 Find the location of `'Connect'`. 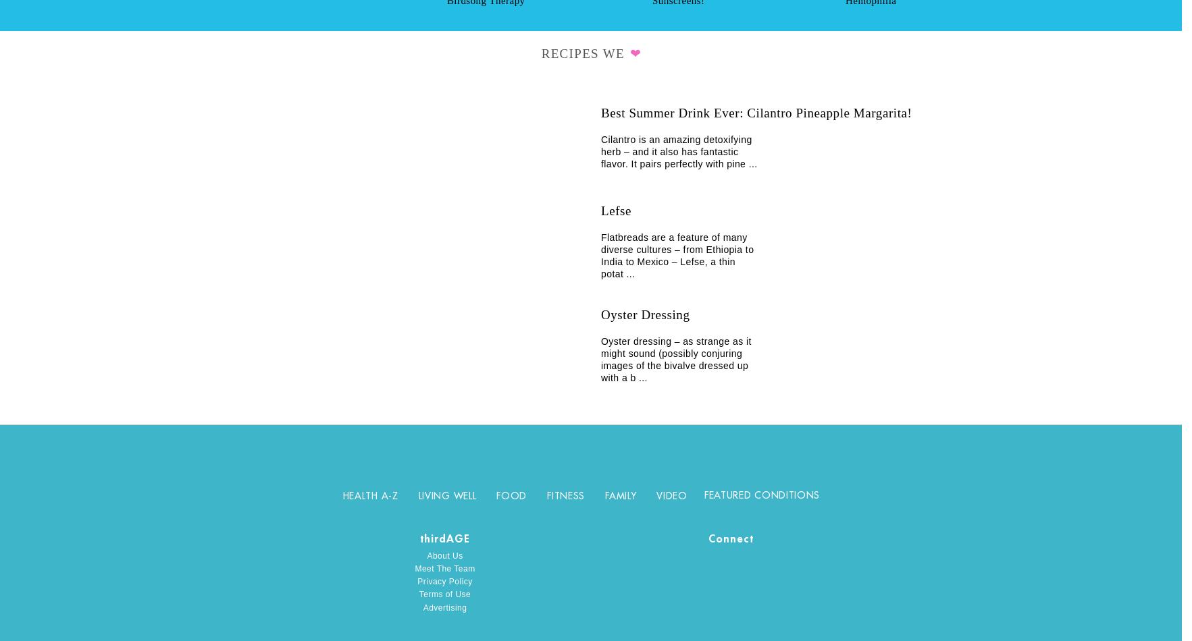

'Connect' is located at coordinates (731, 538).